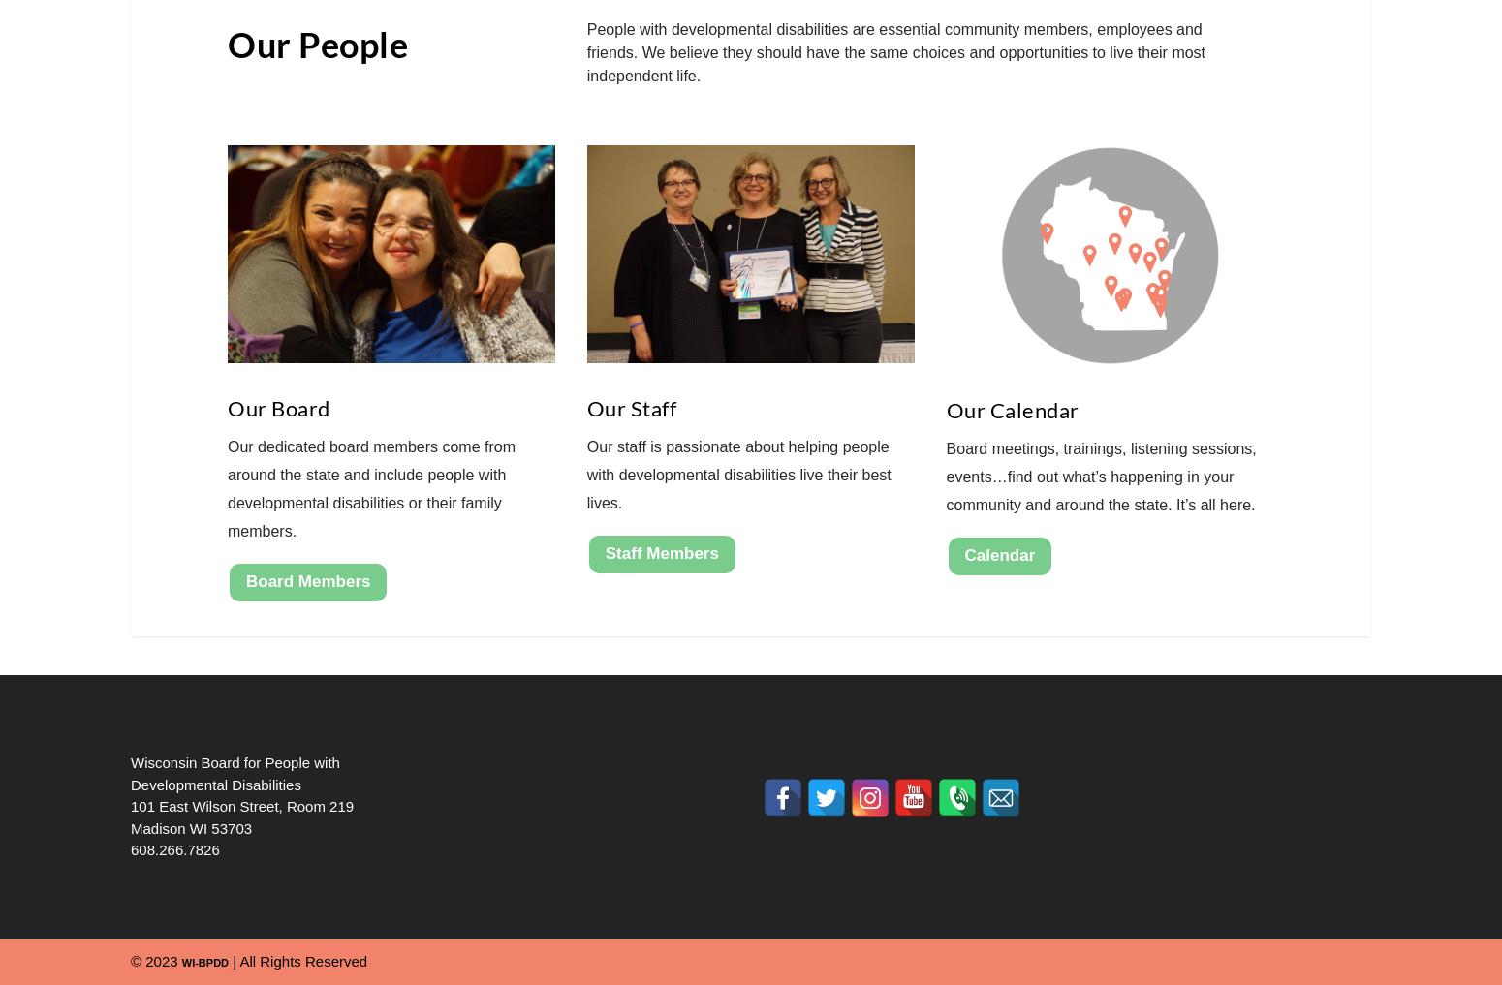  What do you see at coordinates (297, 961) in the screenshot?
I see `'| All Rights Reserved'` at bounding box center [297, 961].